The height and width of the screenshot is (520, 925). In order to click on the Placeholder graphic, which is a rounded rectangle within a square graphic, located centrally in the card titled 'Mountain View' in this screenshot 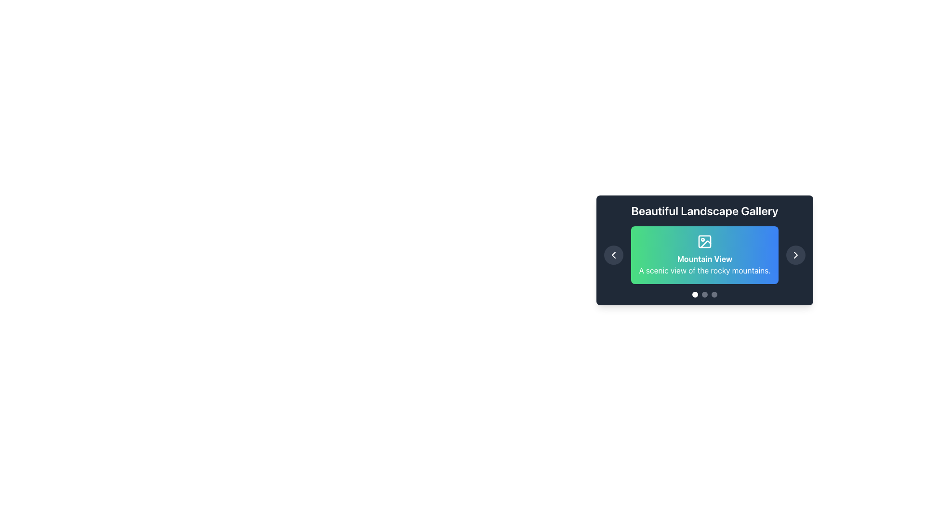, I will do `click(705, 241)`.